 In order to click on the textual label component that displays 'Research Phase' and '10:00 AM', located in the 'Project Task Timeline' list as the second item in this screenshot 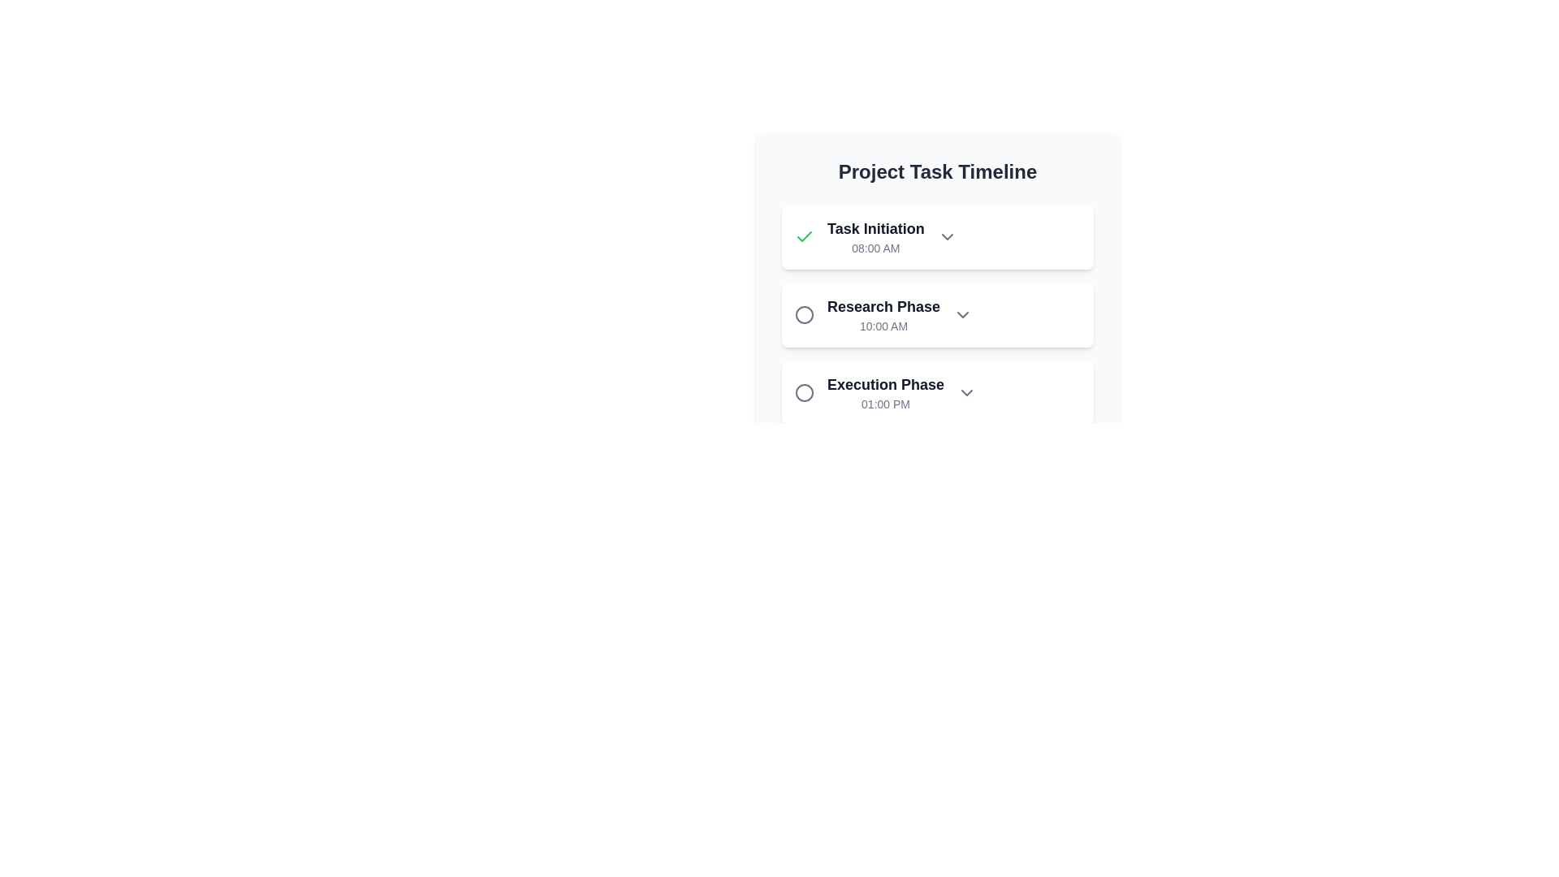, I will do `click(883, 315)`.